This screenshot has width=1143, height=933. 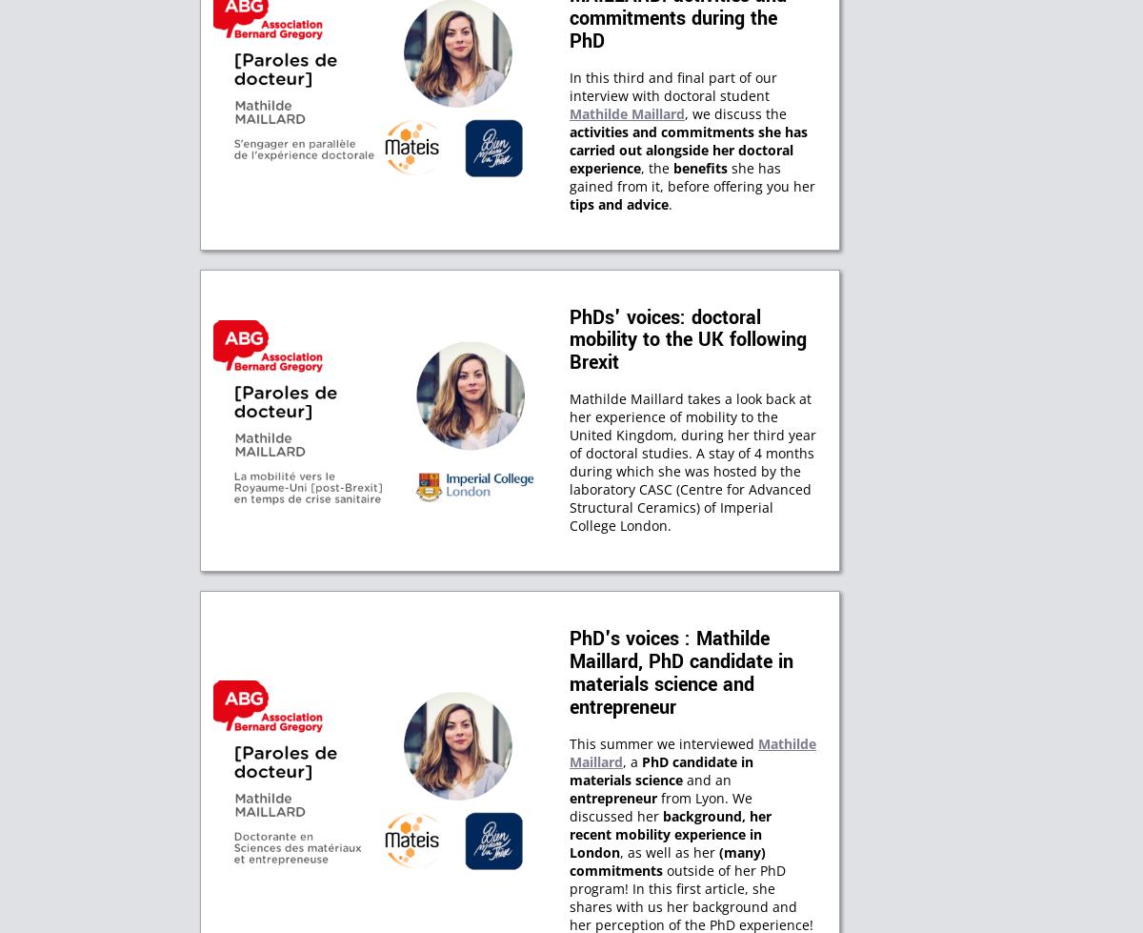 What do you see at coordinates (700, 167) in the screenshot?
I see `'benefits'` at bounding box center [700, 167].